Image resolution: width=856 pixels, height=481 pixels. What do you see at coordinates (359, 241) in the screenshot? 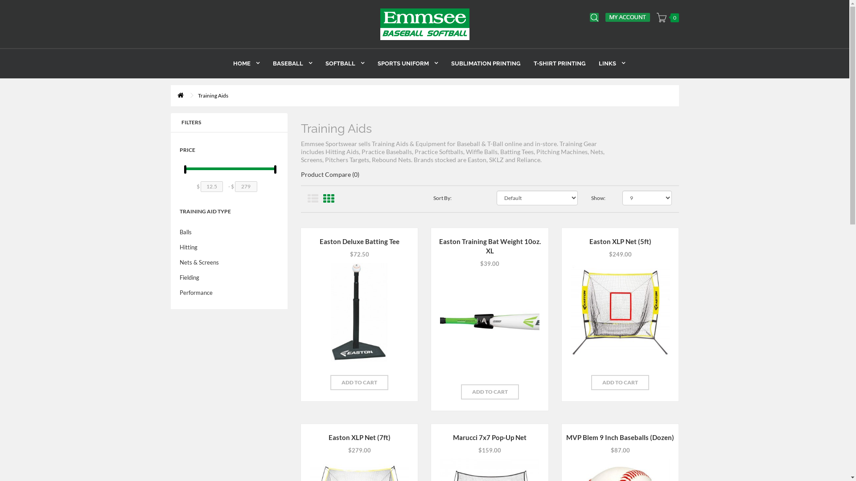
I see `'Easton Deluxe Batting Tee'` at bounding box center [359, 241].